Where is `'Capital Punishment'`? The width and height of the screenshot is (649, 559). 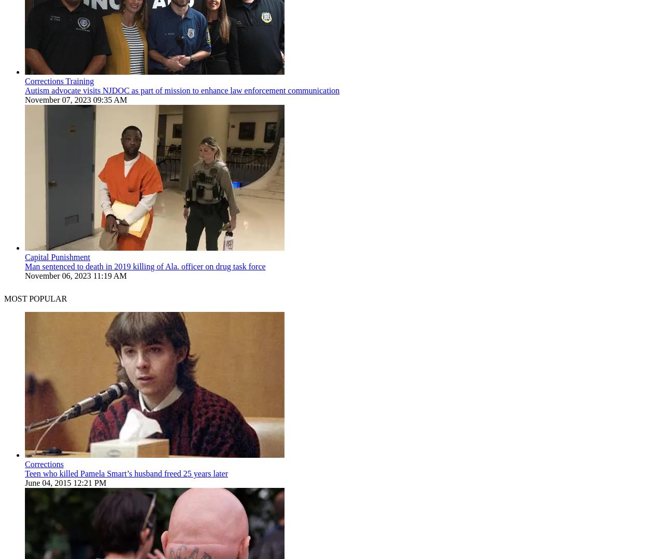
'Capital Punishment' is located at coordinates (24, 257).